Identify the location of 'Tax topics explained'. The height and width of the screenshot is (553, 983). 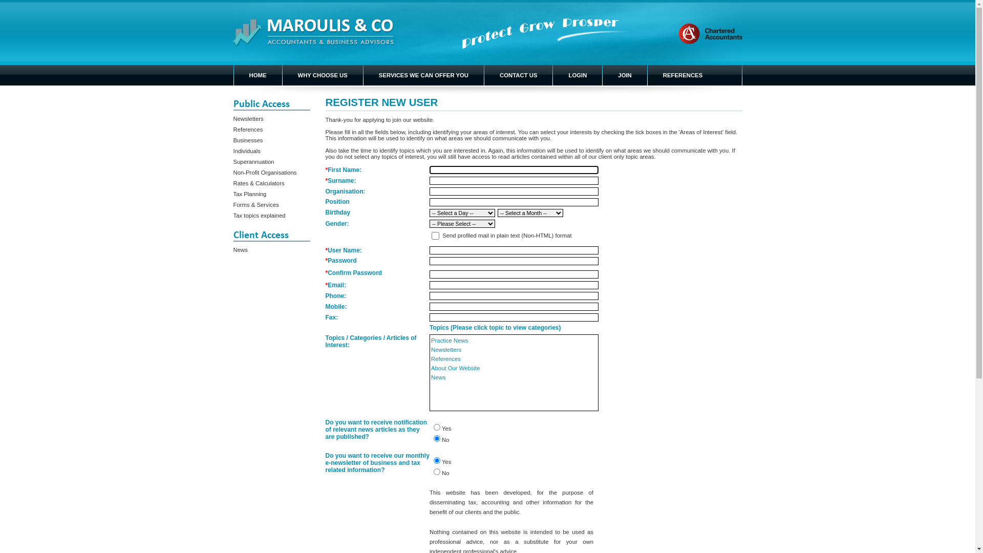
(233, 215).